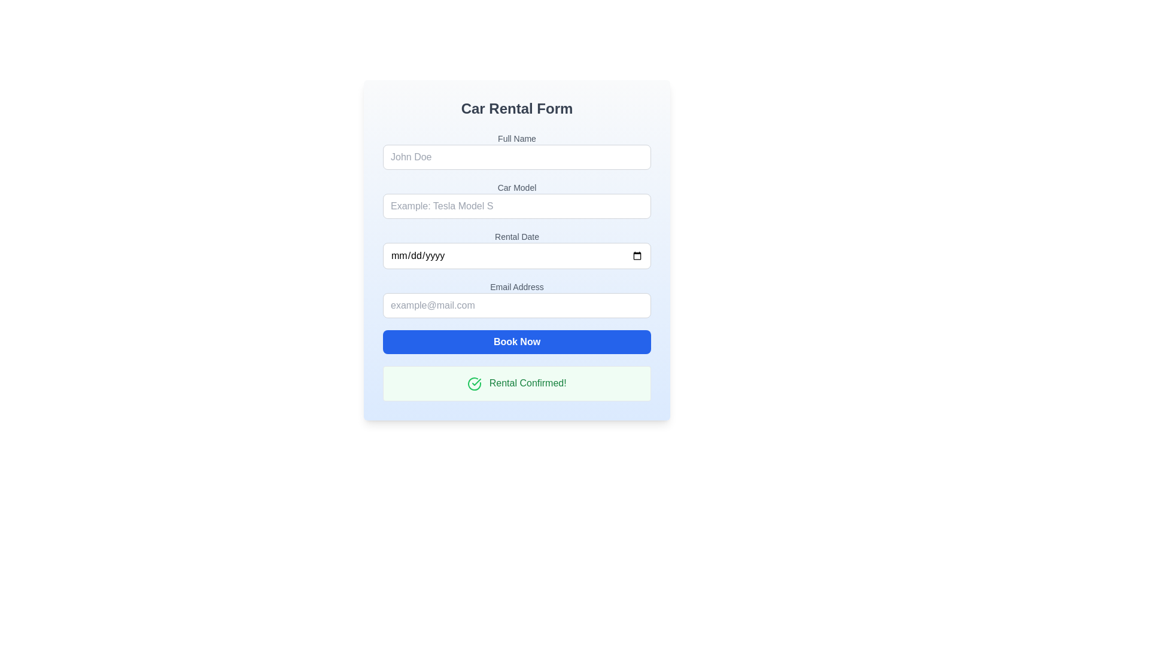 The height and width of the screenshot is (646, 1149). Describe the element at coordinates (474, 383) in the screenshot. I see `the circular icon with a light green checkmark symbol inside, located to the left of the text 'Rental Confirmed!' in a green box at the bottom of the main form section` at that location.